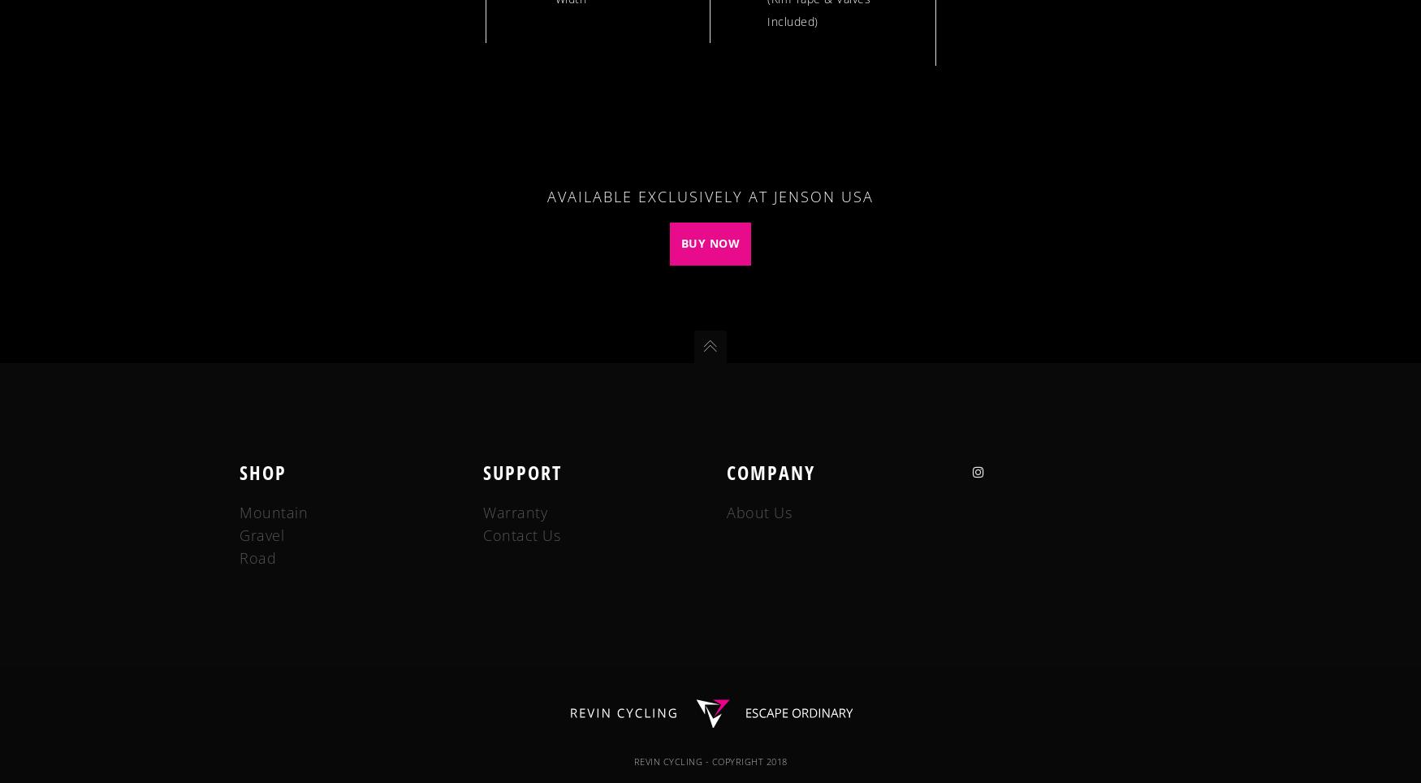  I want to click on 'Warranty', so click(514, 511).